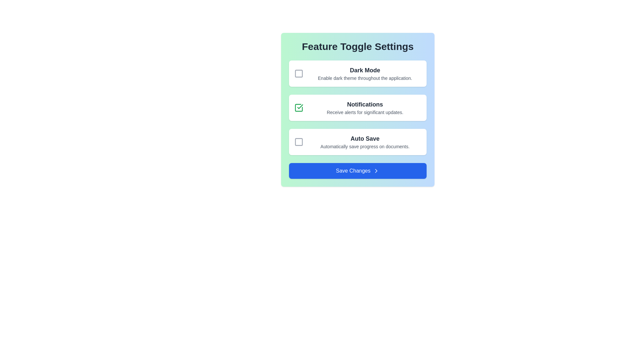 The image size is (632, 355). I want to click on the checkboxes for the toggle options in the 'Feature Toggle Settings' panel, which includes 'Dark Mode', 'Notifications', and 'Auto Save', so click(357, 109).